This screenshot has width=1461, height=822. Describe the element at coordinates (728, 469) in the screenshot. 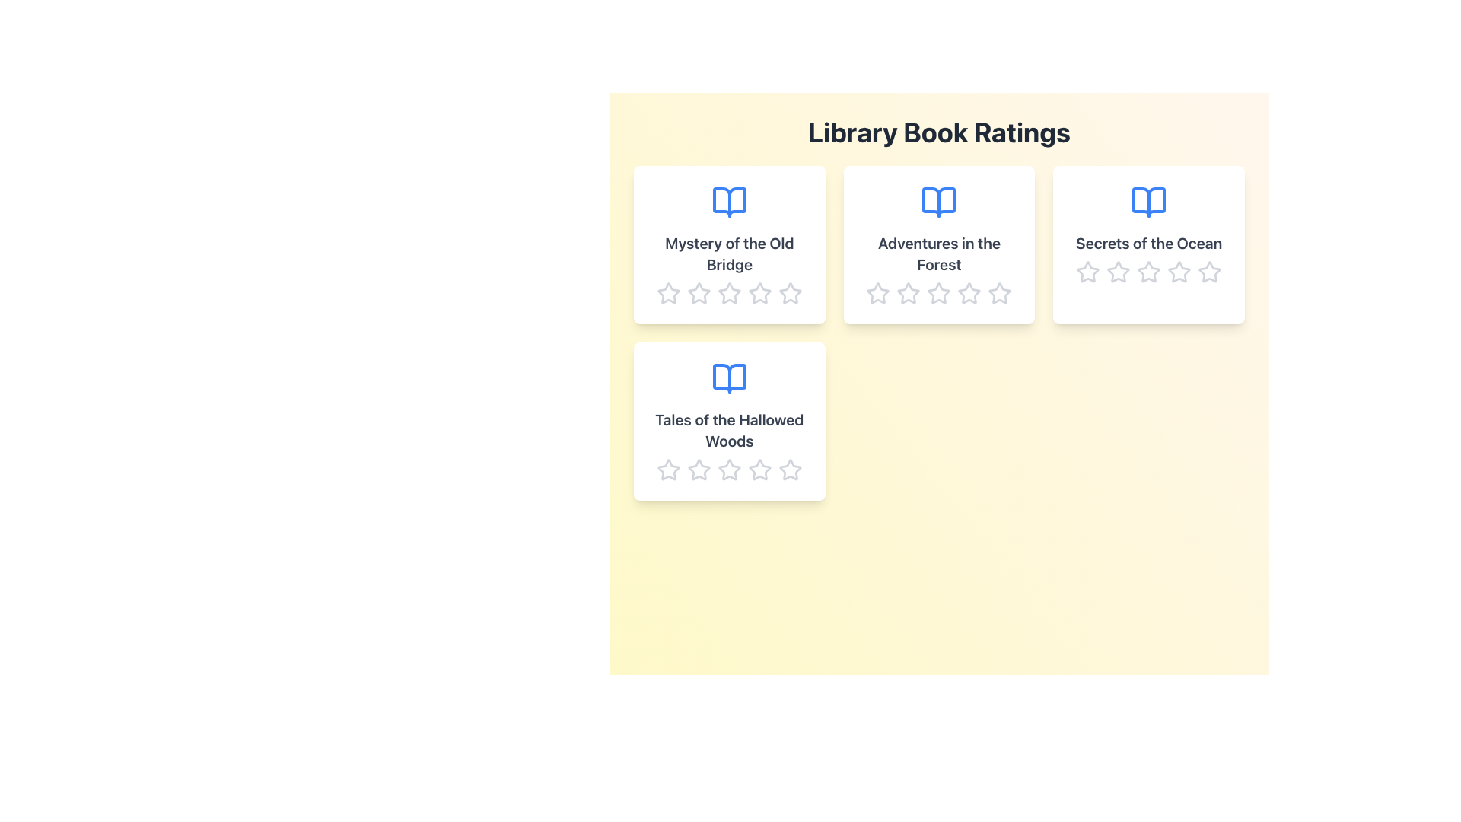

I see `the third rating star in the 5-star rating system for the book card titled 'Tales of the Hallowed Woods'` at that location.